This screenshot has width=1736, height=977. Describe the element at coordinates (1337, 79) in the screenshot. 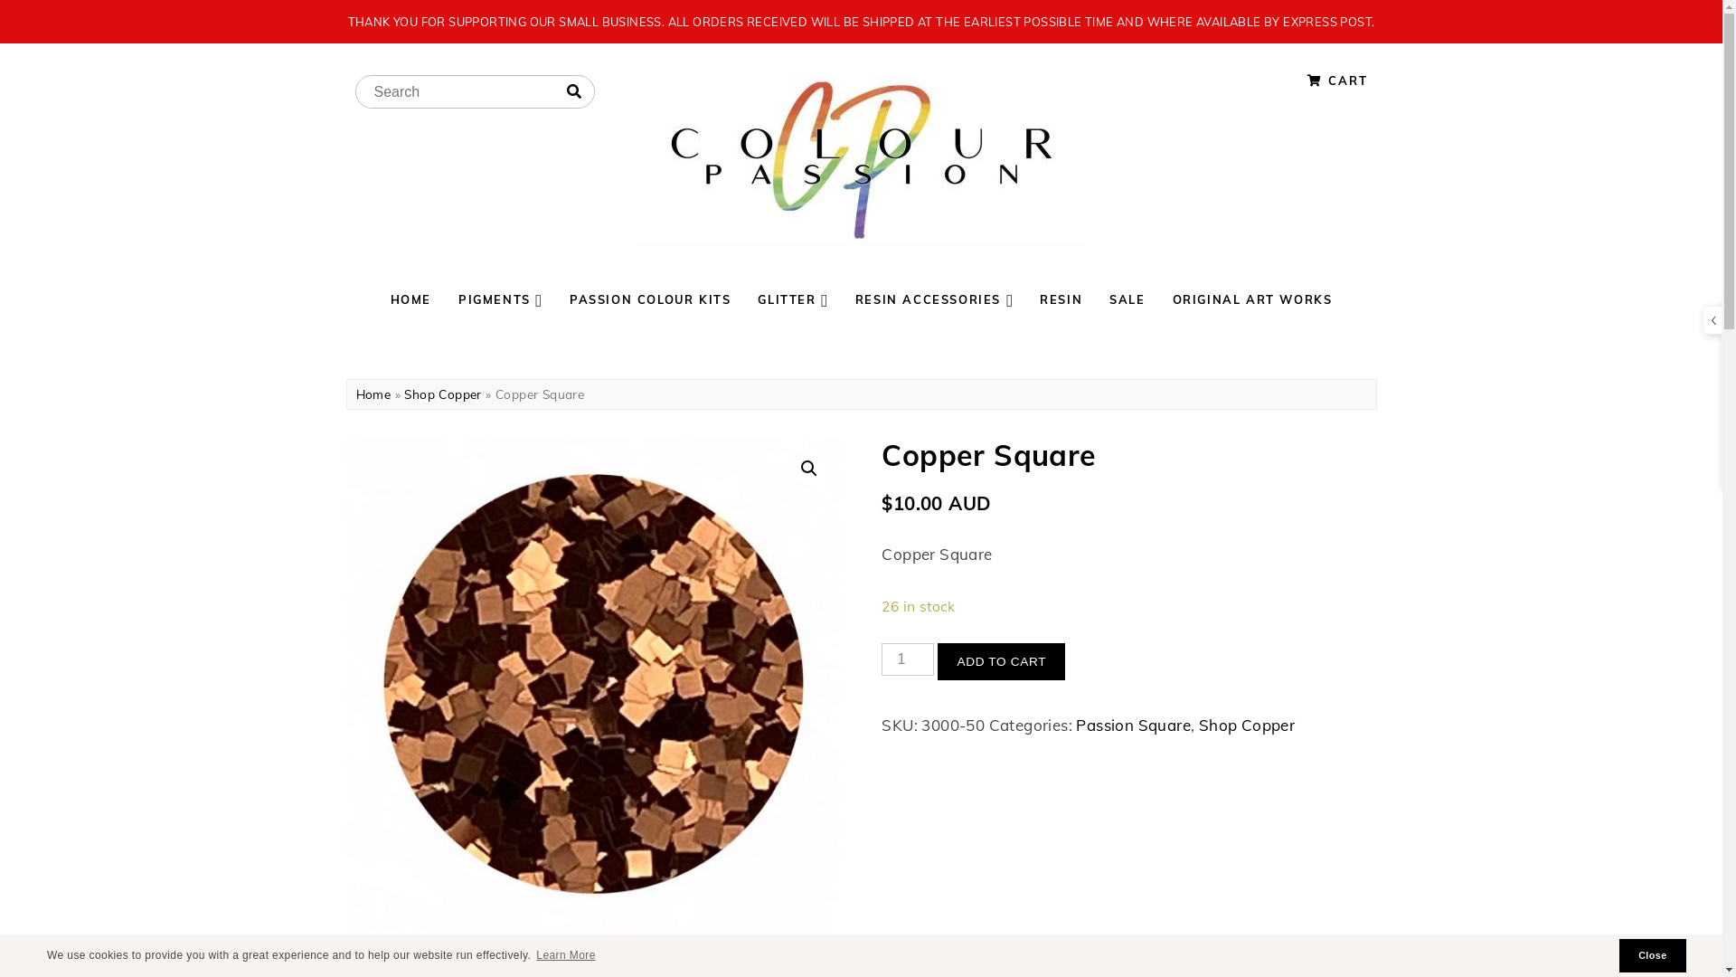

I see `'CART'` at that location.